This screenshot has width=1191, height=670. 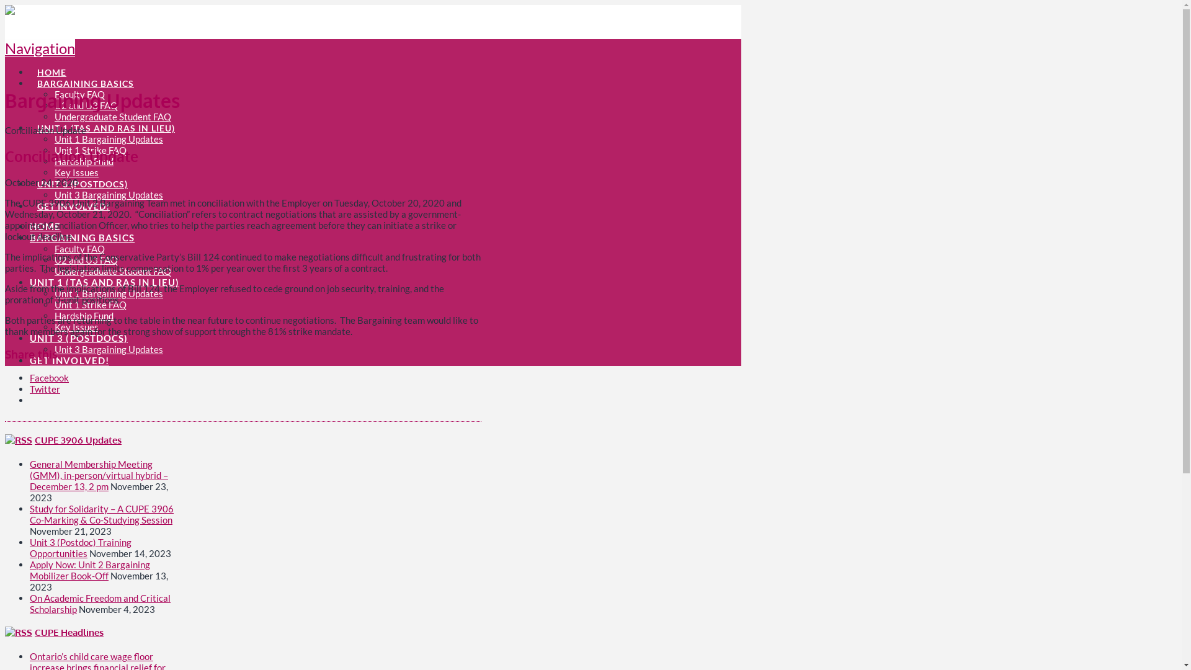 What do you see at coordinates (89, 150) in the screenshot?
I see `'Unit 1 Strike FAQ'` at bounding box center [89, 150].